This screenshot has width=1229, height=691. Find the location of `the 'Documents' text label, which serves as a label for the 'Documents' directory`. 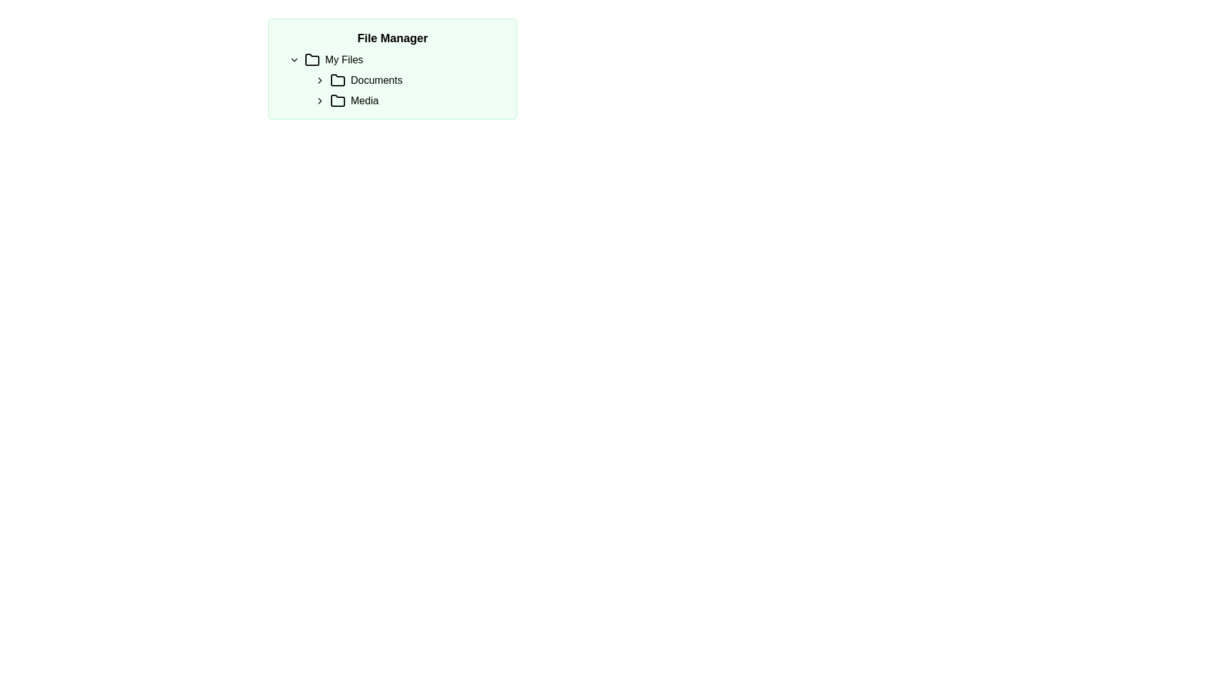

the 'Documents' text label, which serves as a label for the 'Documents' directory is located at coordinates (397, 81).